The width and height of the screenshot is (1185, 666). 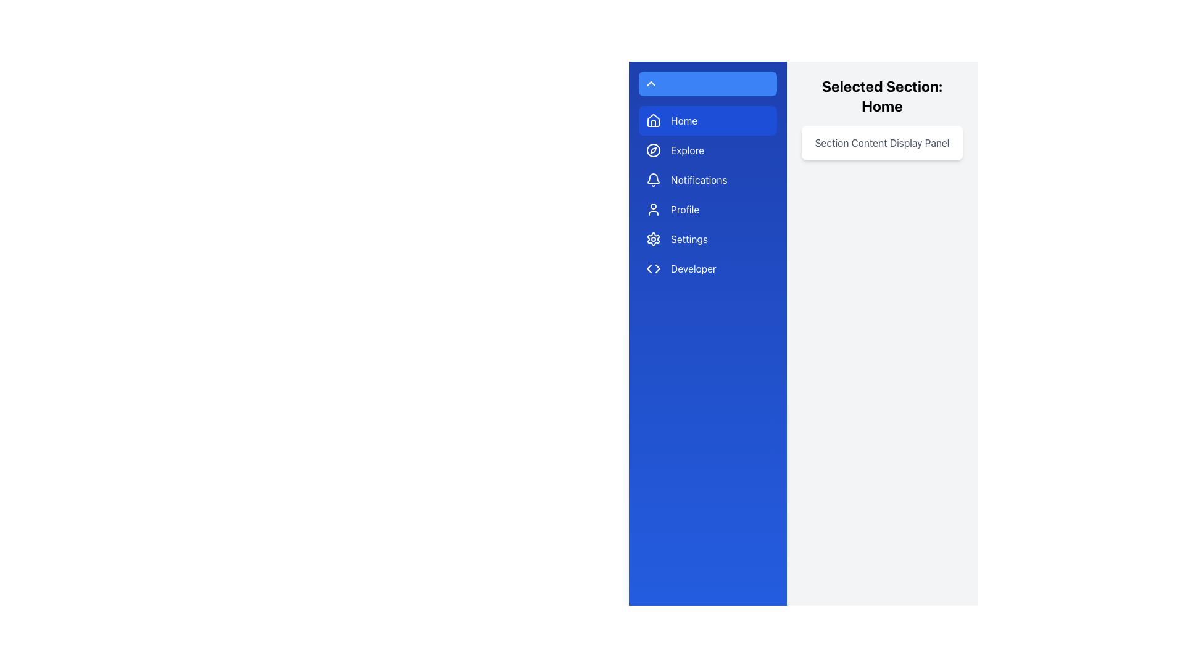 I want to click on the navigation button that directs users to the 'Developer' section, located at the sixth position in the vertical menu, below 'Settings', so click(x=708, y=268).